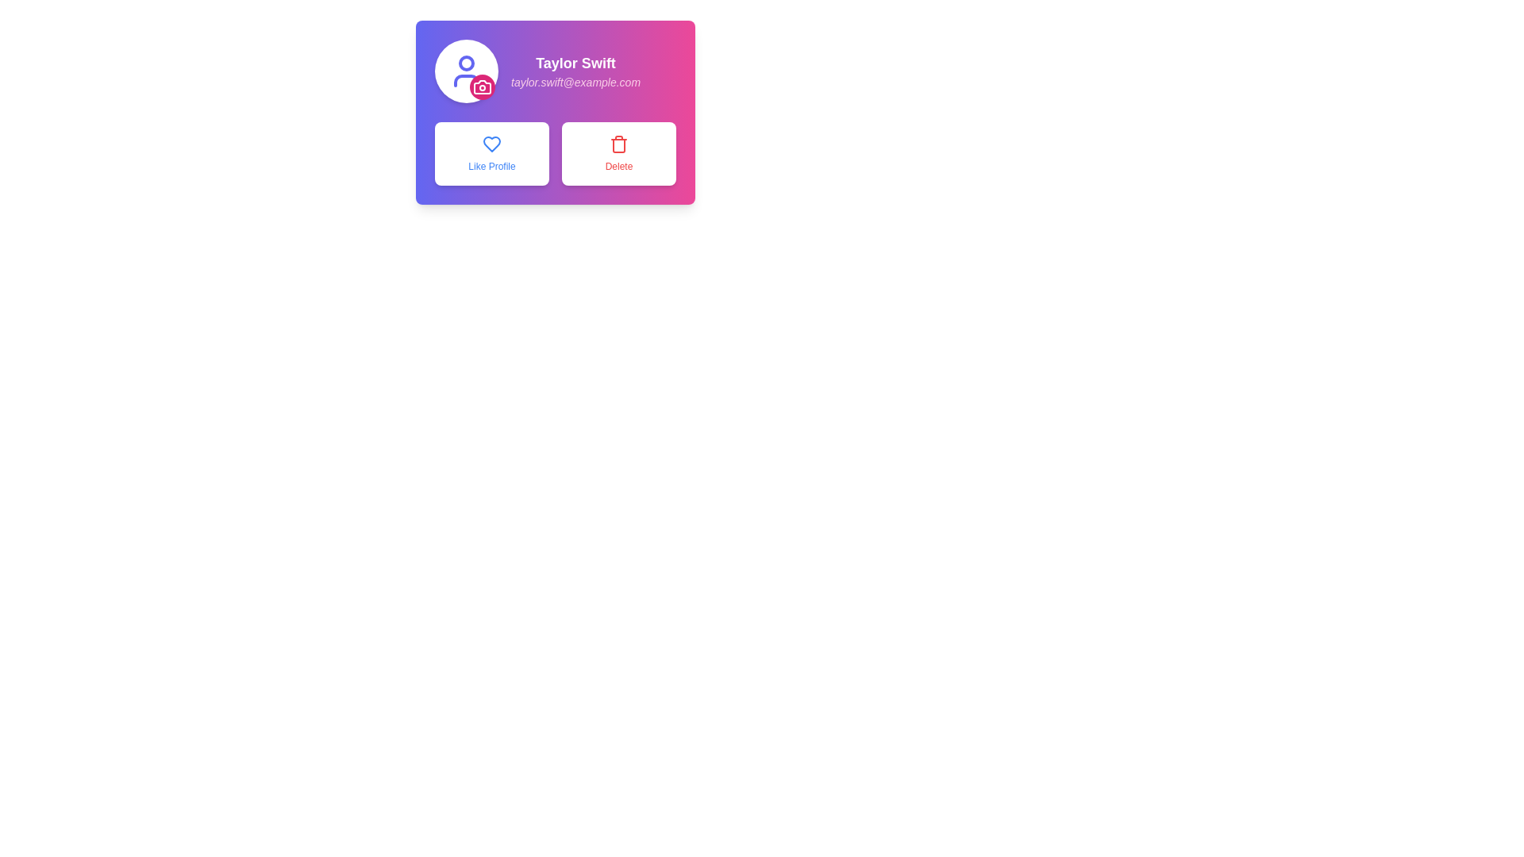 The height and width of the screenshot is (857, 1524). What do you see at coordinates (466, 70) in the screenshot?
I see `the user profile icon located in the upper left section of the interface, which is visually represented by a circular decorative icon next to the 'Taylor Swift' label` at bounding box center [466, 70].